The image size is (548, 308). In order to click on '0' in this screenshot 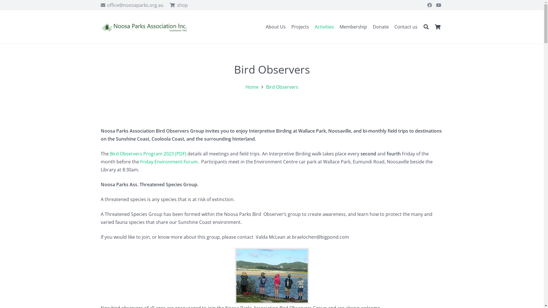, I will do `click(437, 27)`.